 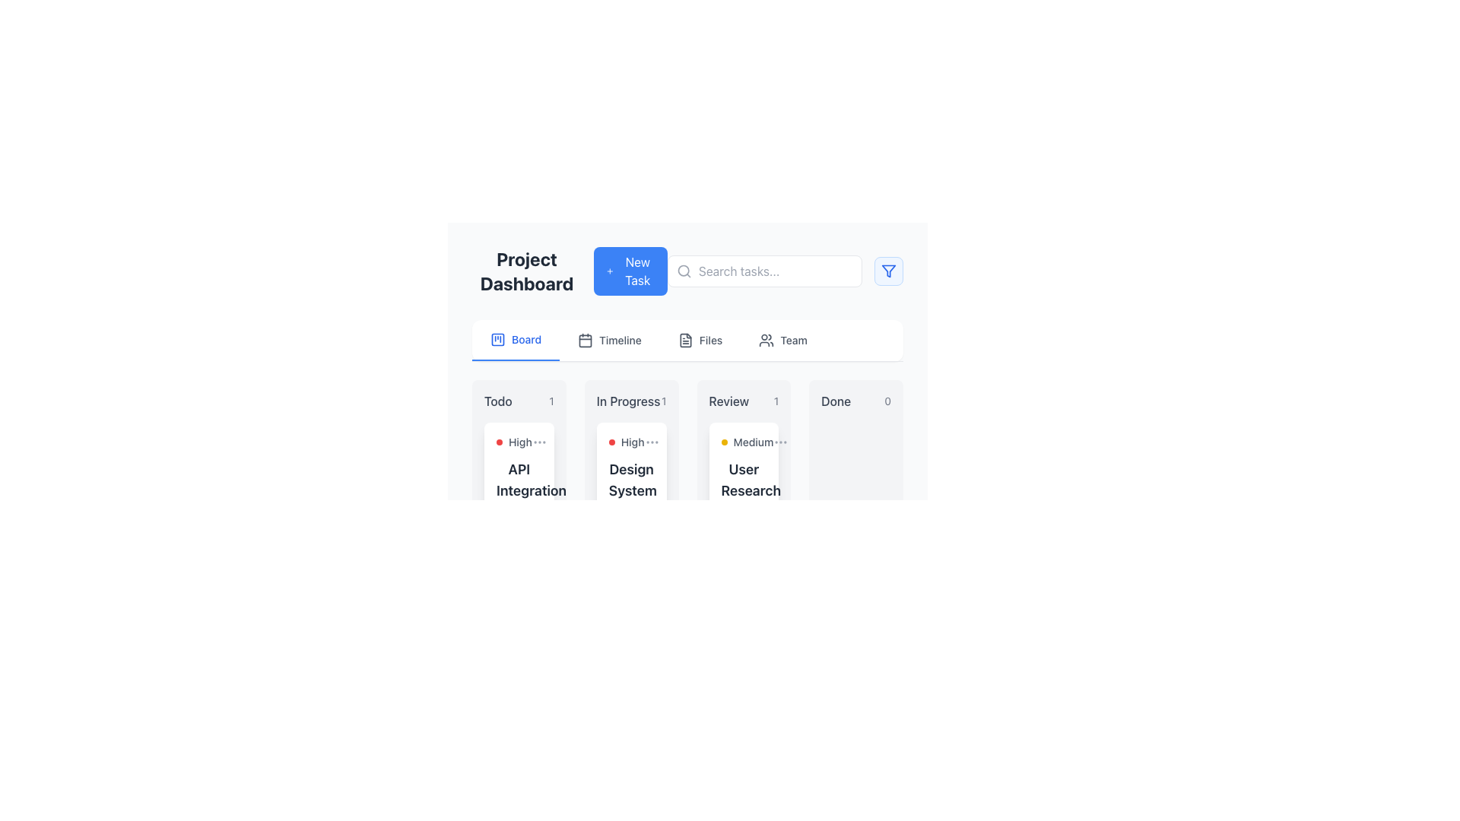 What do you see at coordinates (610, 271) in the screenshot?
I see `the white 'plus' icon within the blue 'New Task' button` at bounding box center [610, 271].